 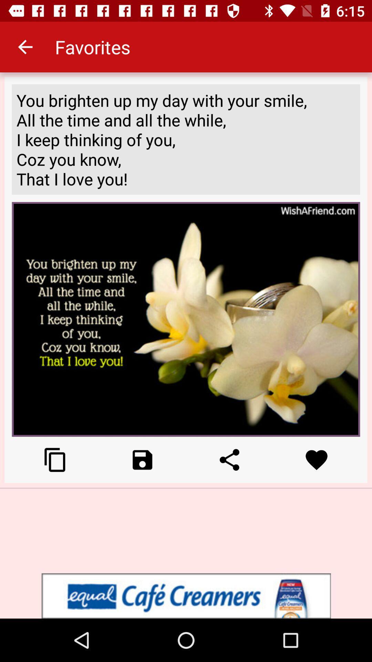 What do you see at coordinates (186, 595) in the screenshot?
I see `details about advertisement` at bounding box center [186, 595].